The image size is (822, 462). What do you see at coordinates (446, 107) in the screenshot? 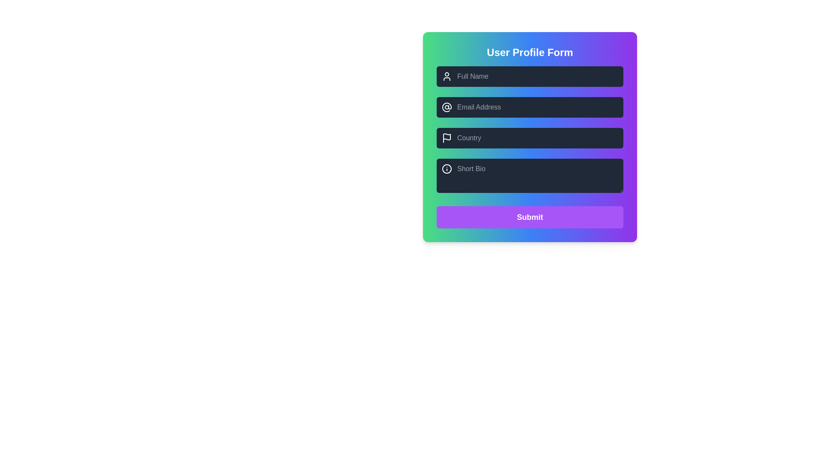
I see `the icon that visually indicates the purpose of the associated email input field, which is located to the left of the 'Email Address' input in the second row of the form` at bounding box center [446, 107].